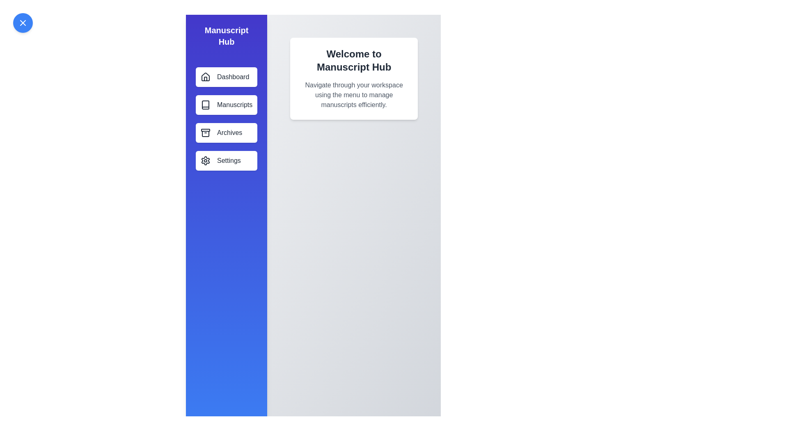 Image resolution: width=788 pixels, height=443 pixels. Describe the element at coordinates (227, 77) in the screenshot. I see `the menu item labeled Dashboard` at that location.